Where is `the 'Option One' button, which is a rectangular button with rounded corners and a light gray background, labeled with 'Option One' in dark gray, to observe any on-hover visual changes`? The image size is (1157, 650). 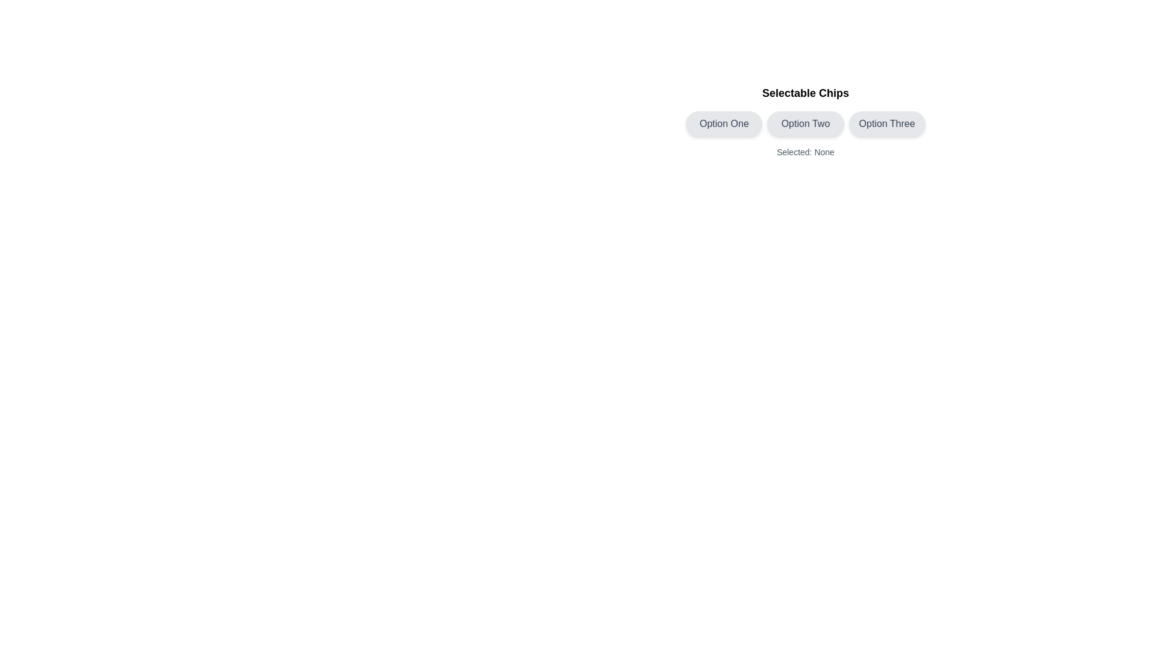
the 'Option One' button, which is a rectangular button with rounded corners and a light gray background, labeled with 'Option One' in dark gray, to observe any on-hover visual changes is located at coordinates (723, 123).